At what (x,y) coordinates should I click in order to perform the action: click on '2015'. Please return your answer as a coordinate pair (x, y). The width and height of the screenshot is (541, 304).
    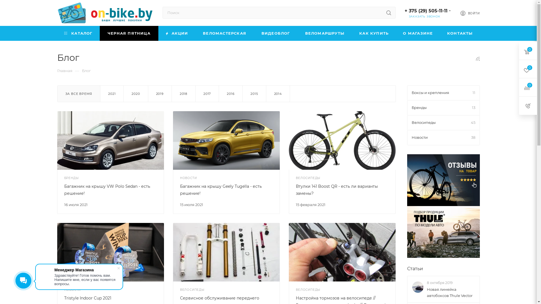
    Looking at the image, I should click on (254, 93).